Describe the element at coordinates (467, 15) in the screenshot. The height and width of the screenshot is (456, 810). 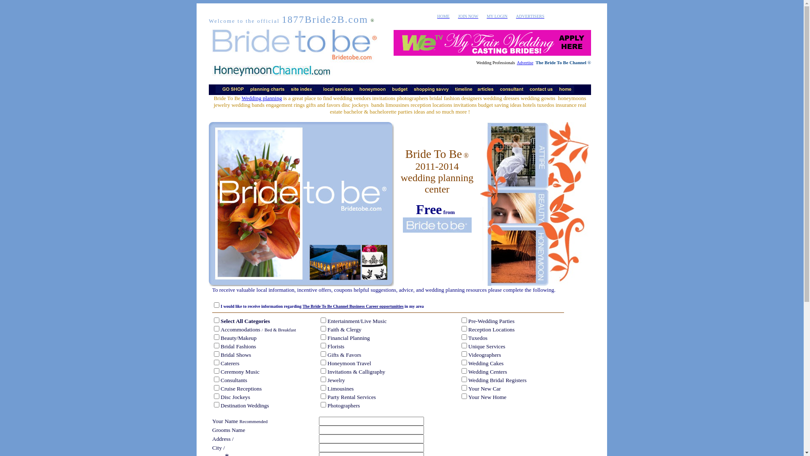
I see `'JOIN NOW'` at that location.